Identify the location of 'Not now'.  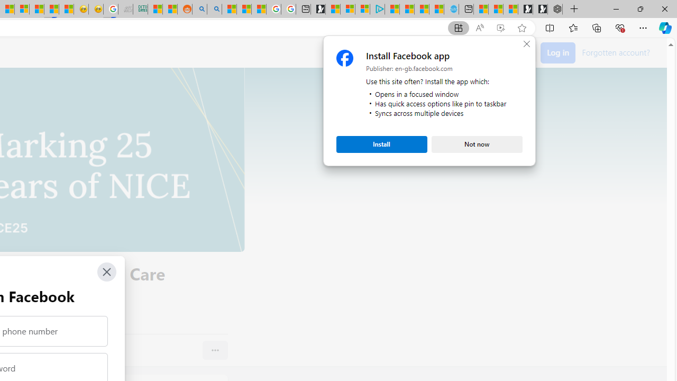
(477, 144).